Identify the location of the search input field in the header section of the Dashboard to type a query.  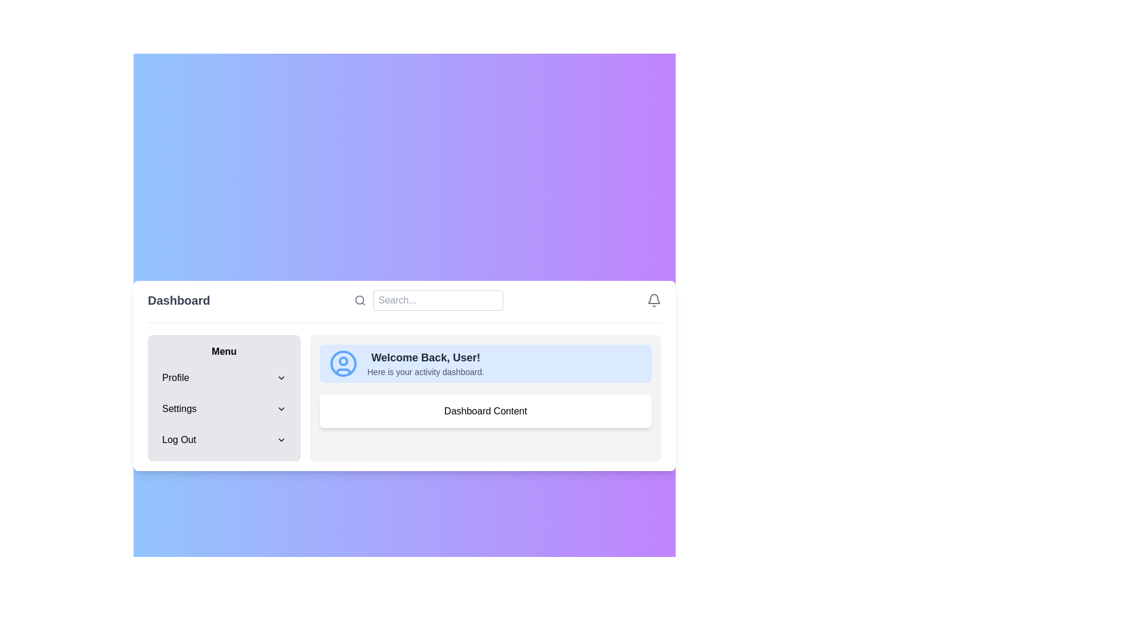
(404, 305).